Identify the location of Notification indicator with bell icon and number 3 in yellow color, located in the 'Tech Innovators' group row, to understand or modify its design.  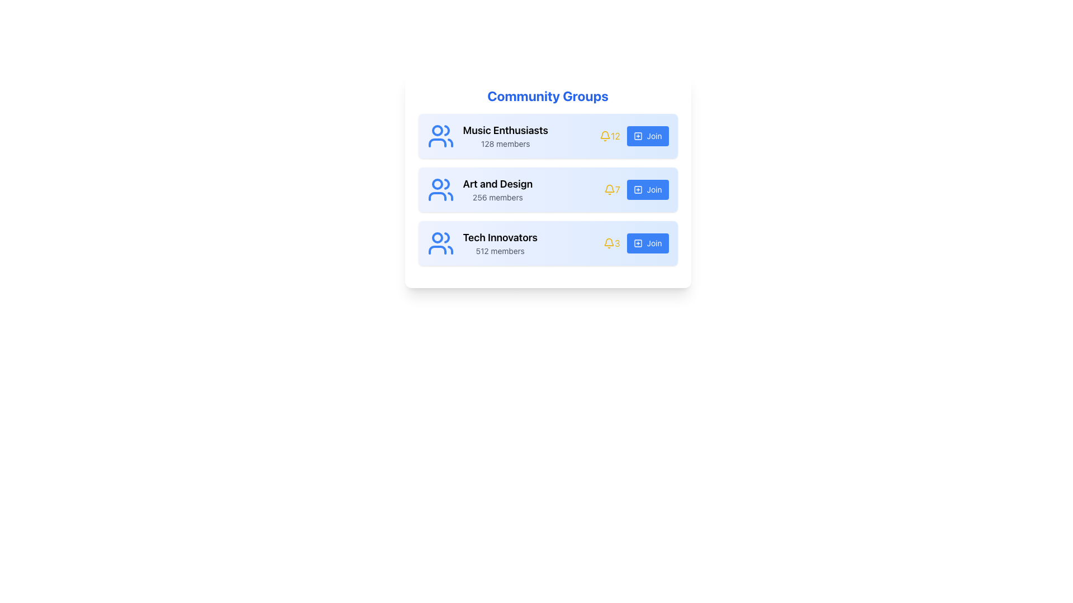
(611, 242).